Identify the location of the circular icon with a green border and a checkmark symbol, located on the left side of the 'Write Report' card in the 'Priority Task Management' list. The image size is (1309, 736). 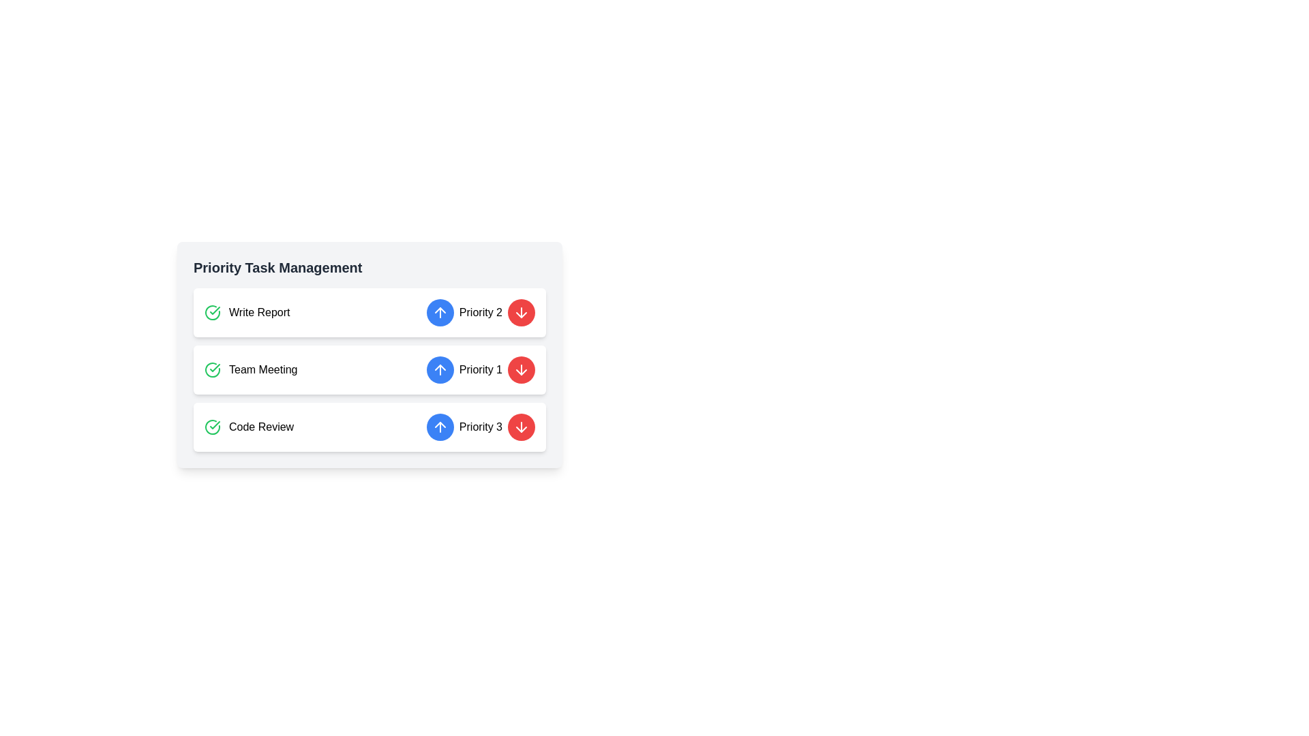
(212, 313).